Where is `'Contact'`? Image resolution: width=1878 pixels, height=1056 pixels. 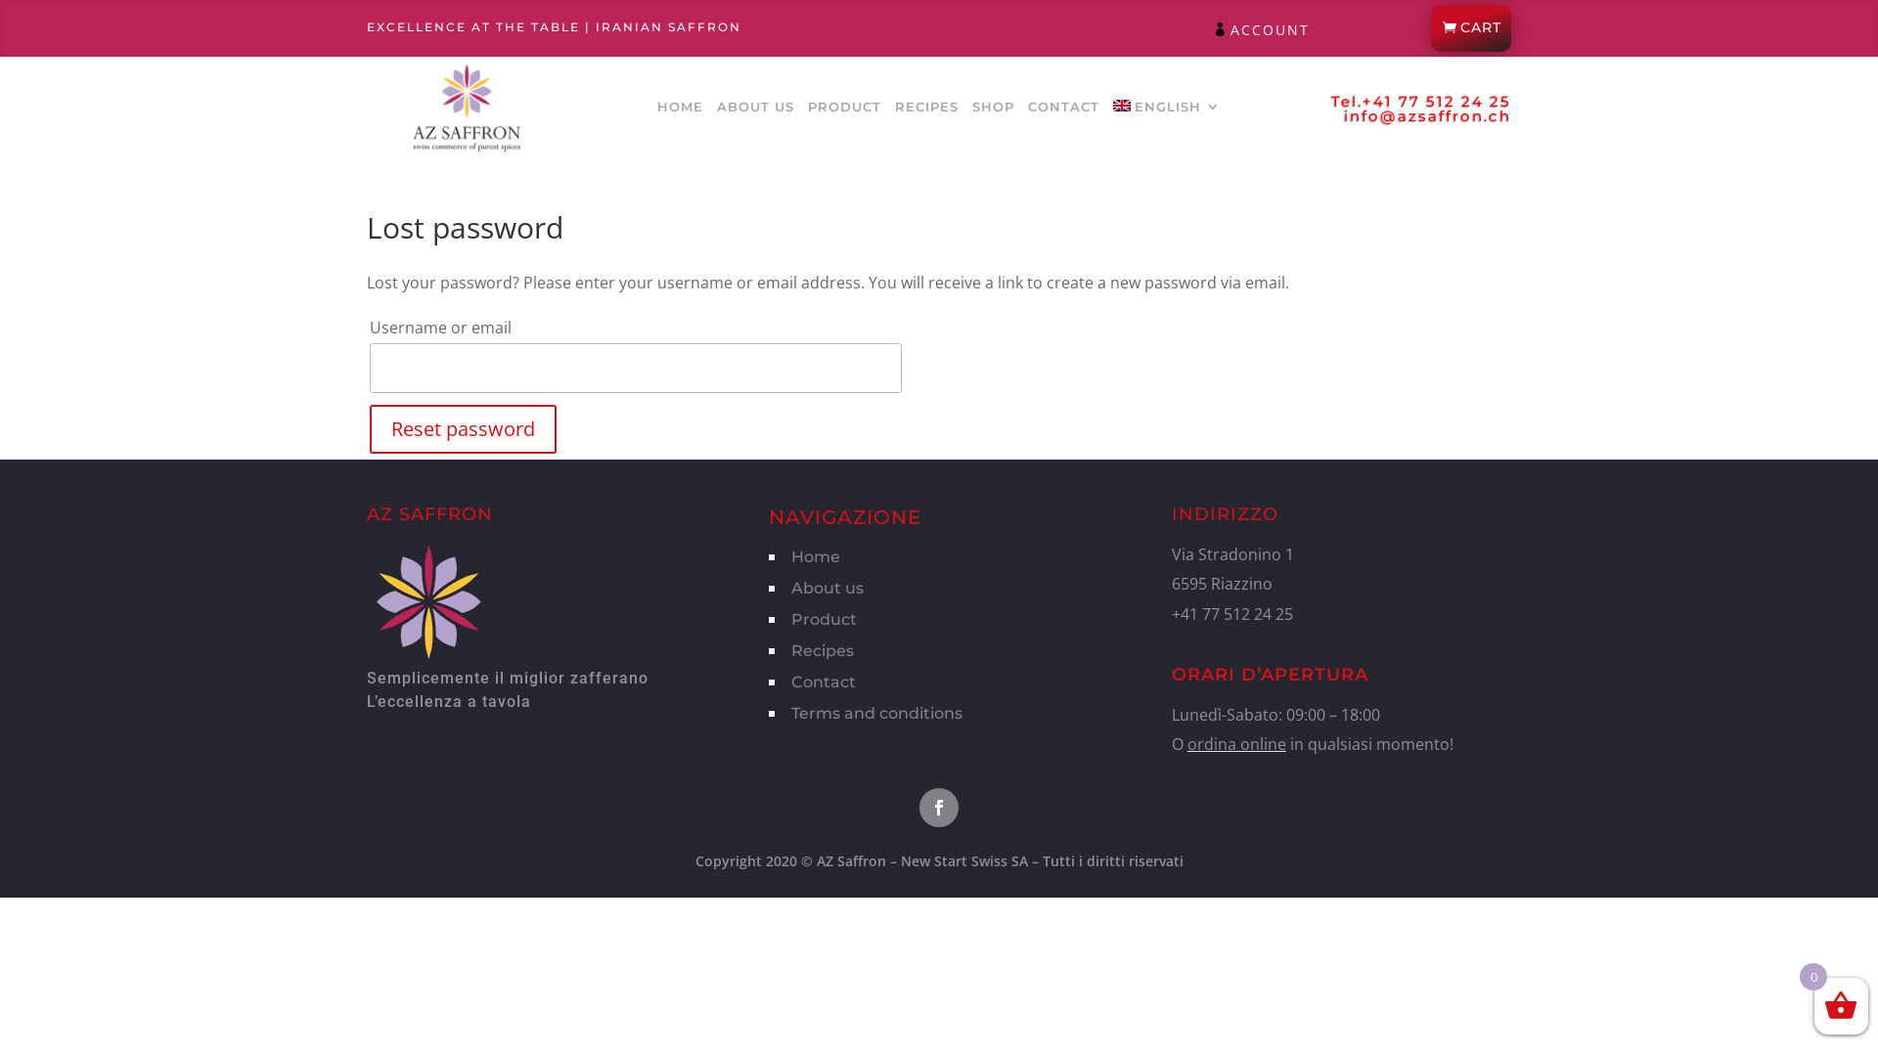 'Contact' is located at coordinates (823, 681).